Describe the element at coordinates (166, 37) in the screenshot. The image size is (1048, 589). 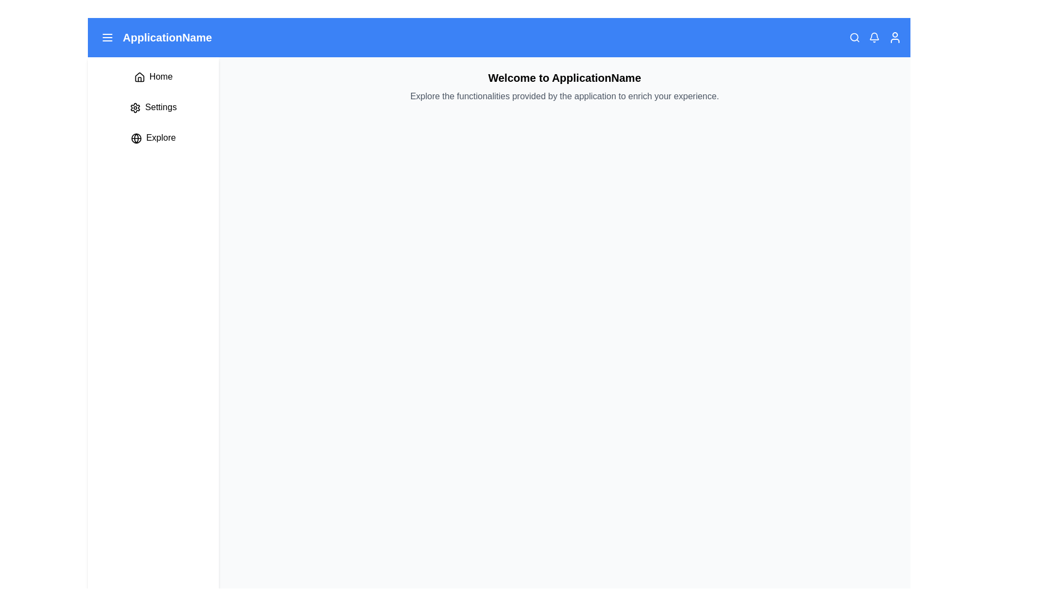
I see `the static text element that displays the name or title of the application, located centrally in the navigation bar, to the right of the menu icon` at that location.